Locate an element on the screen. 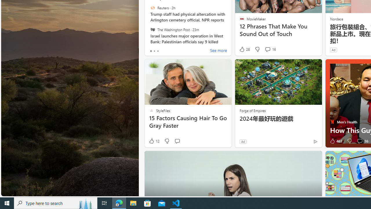  'View comments 16 Comment' is located at coordinates (362, 141).